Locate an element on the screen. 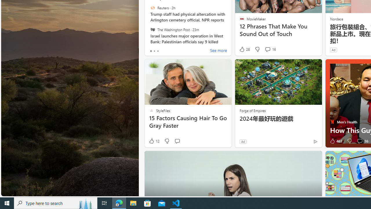  'View comments 16 Comment' is located at coordinates (362, 141).